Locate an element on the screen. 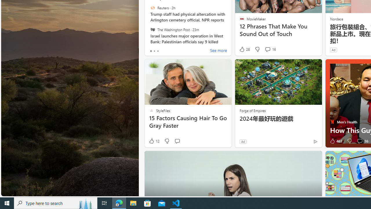  'View comments 16 Comment' is located at coordinates (362, 141).